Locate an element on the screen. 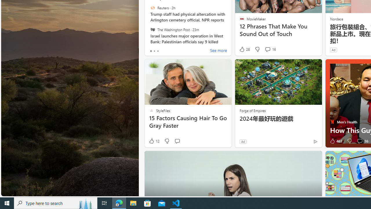  'View comments 16 Comment' is located at coordinates (362, 141).